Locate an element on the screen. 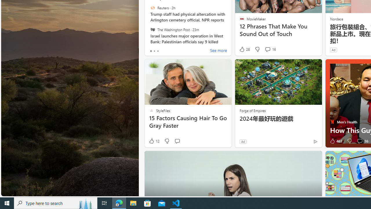  'View comments 16 Comment' is located at coordinates (362, 141).